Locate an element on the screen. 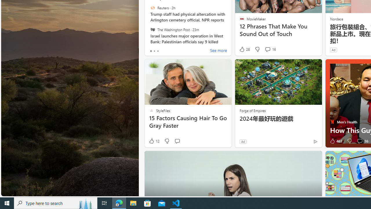  'View comments 16 Comment' is located at coordinates (362, 141).